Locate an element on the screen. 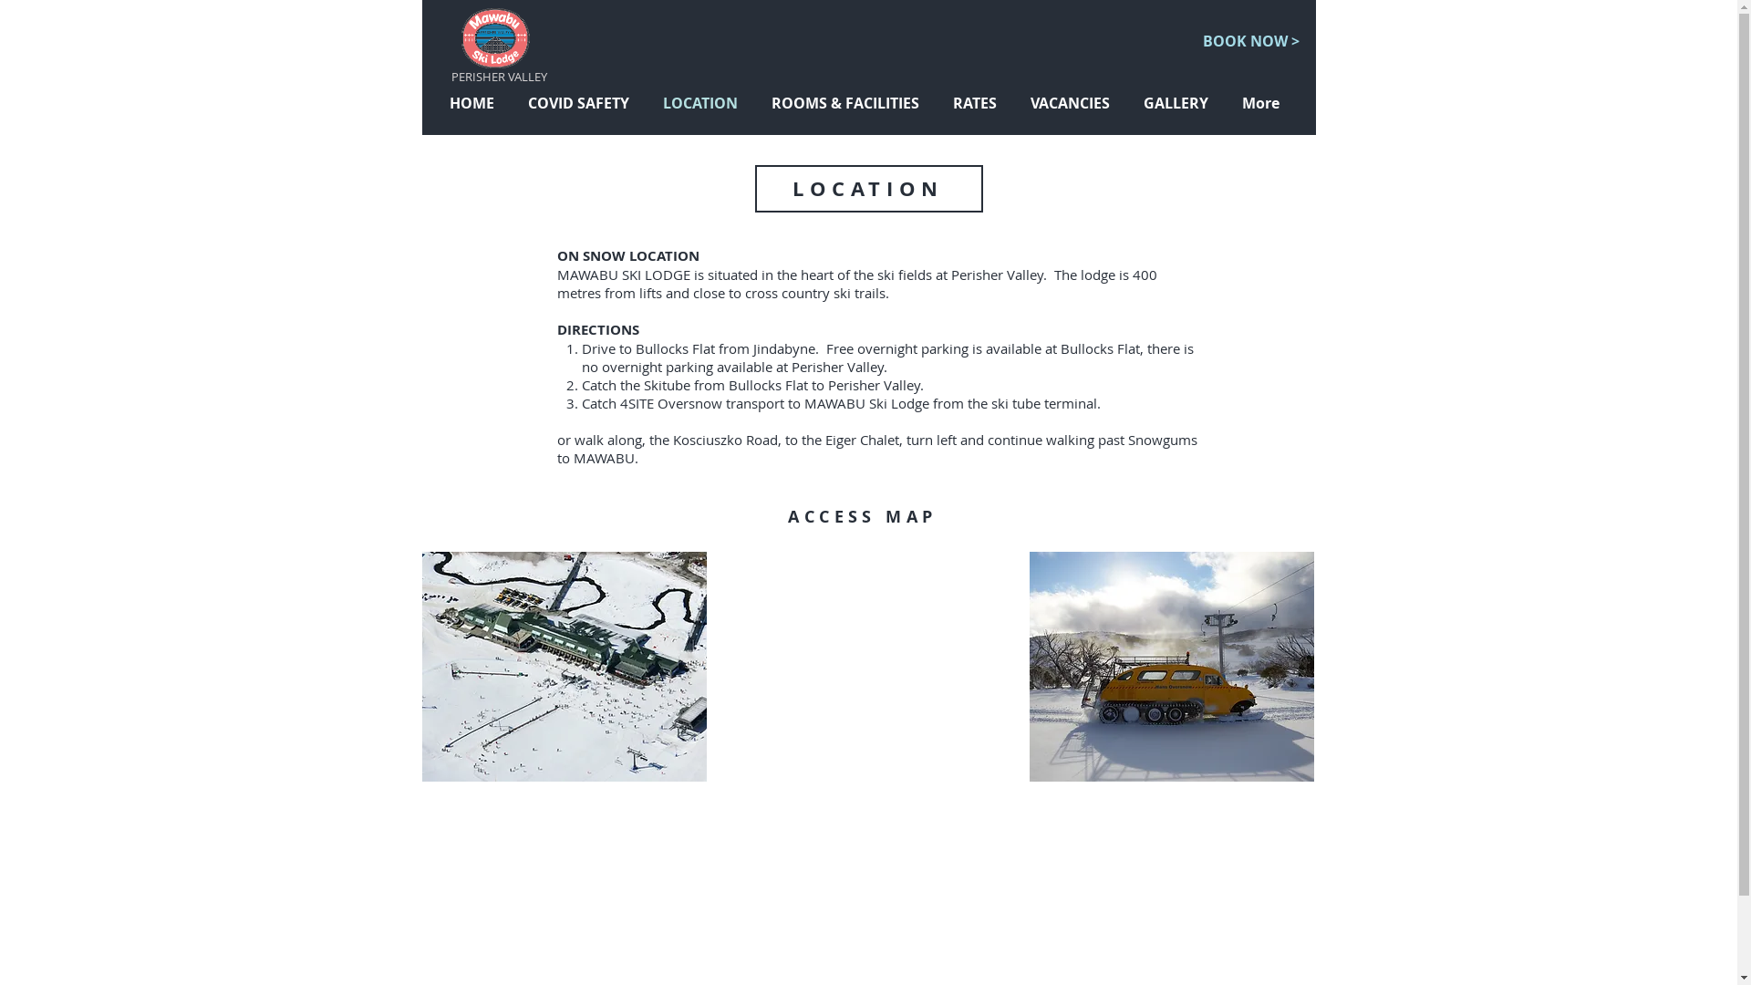  'COVID SAFETY' is located at coordinates (581, 103).